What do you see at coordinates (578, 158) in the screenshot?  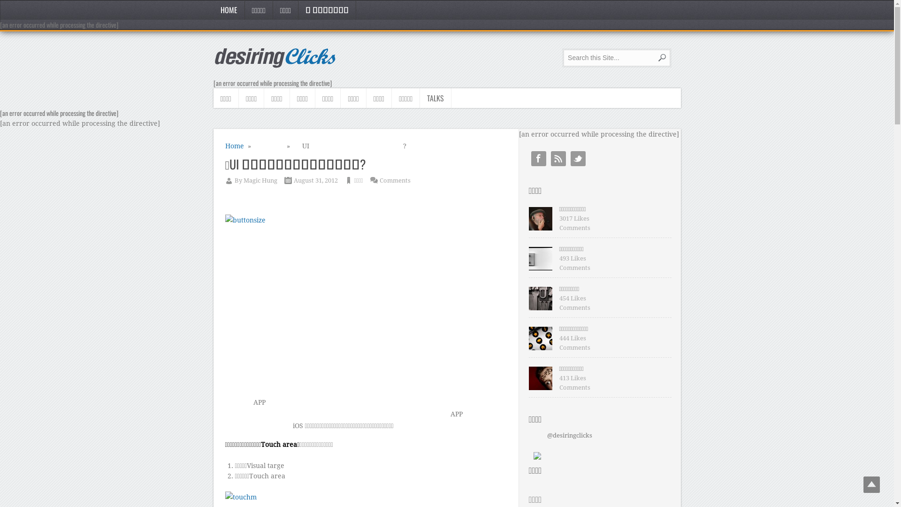 I see `'Twitter'` at bounding box center [578, 158].